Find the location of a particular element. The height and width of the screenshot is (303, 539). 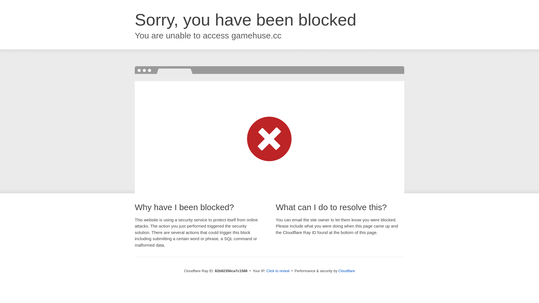

'Cloudflare' is located at coordinates (346, 270).